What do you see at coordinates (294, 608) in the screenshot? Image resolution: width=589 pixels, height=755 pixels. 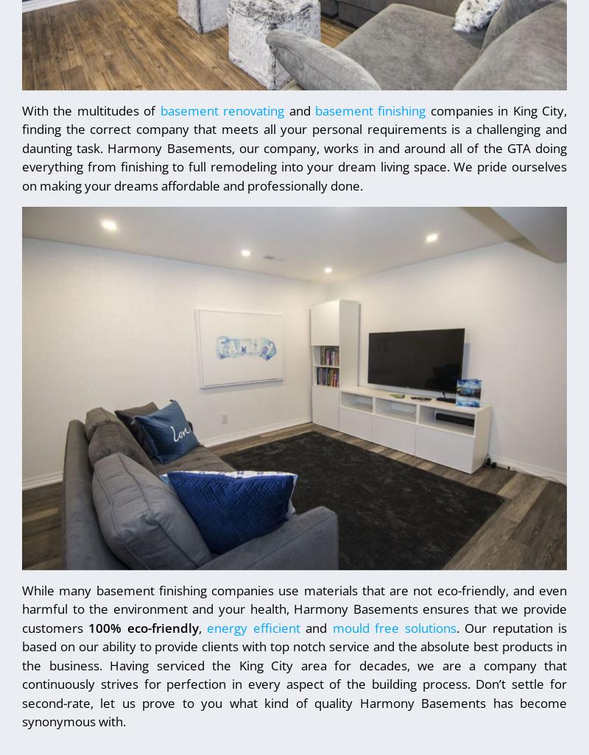 I see `'While many basement finishing companies use materials that are not eco-friendly, and even harmful to the environment and your health, Harmony Basements ensures that we provide customers'` at bounding box center [294, 608].